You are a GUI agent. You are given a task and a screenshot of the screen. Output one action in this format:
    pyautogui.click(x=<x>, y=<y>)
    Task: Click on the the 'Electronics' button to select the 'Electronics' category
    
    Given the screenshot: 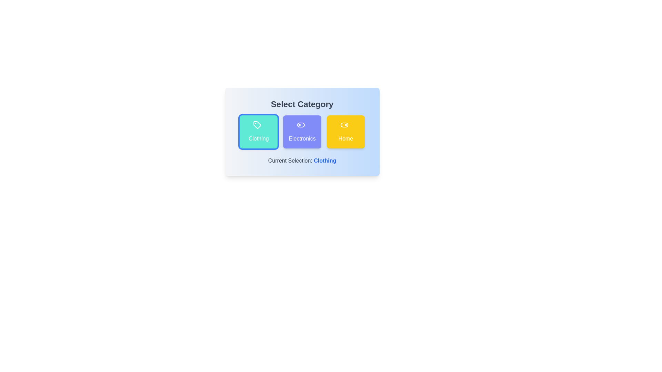 What is the action you would take?
    pyautogui.click(x=302, y=132)
    